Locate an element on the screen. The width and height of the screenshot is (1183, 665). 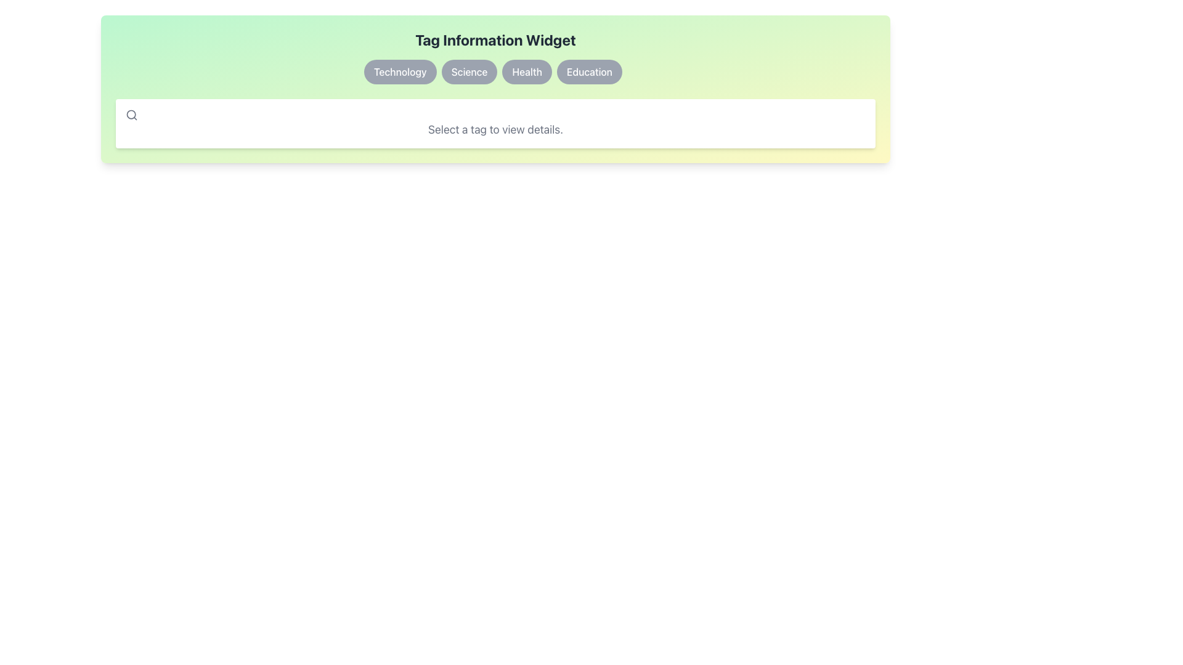
the gray search icon located at the left end of the message box area is located at coordinates (132, 115).